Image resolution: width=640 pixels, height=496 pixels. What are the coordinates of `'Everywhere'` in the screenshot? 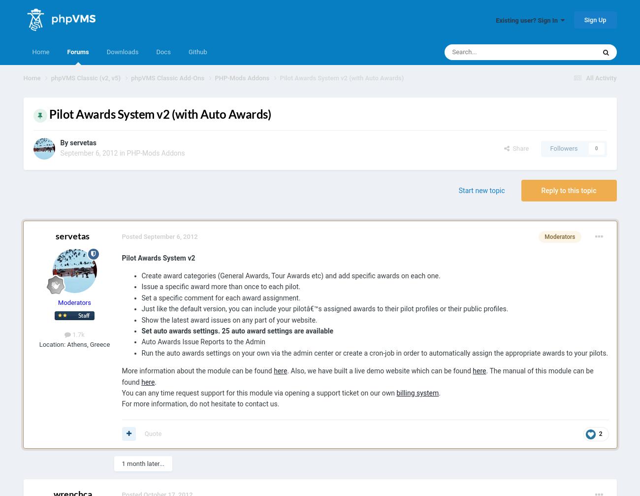 It's located at (535, 74).